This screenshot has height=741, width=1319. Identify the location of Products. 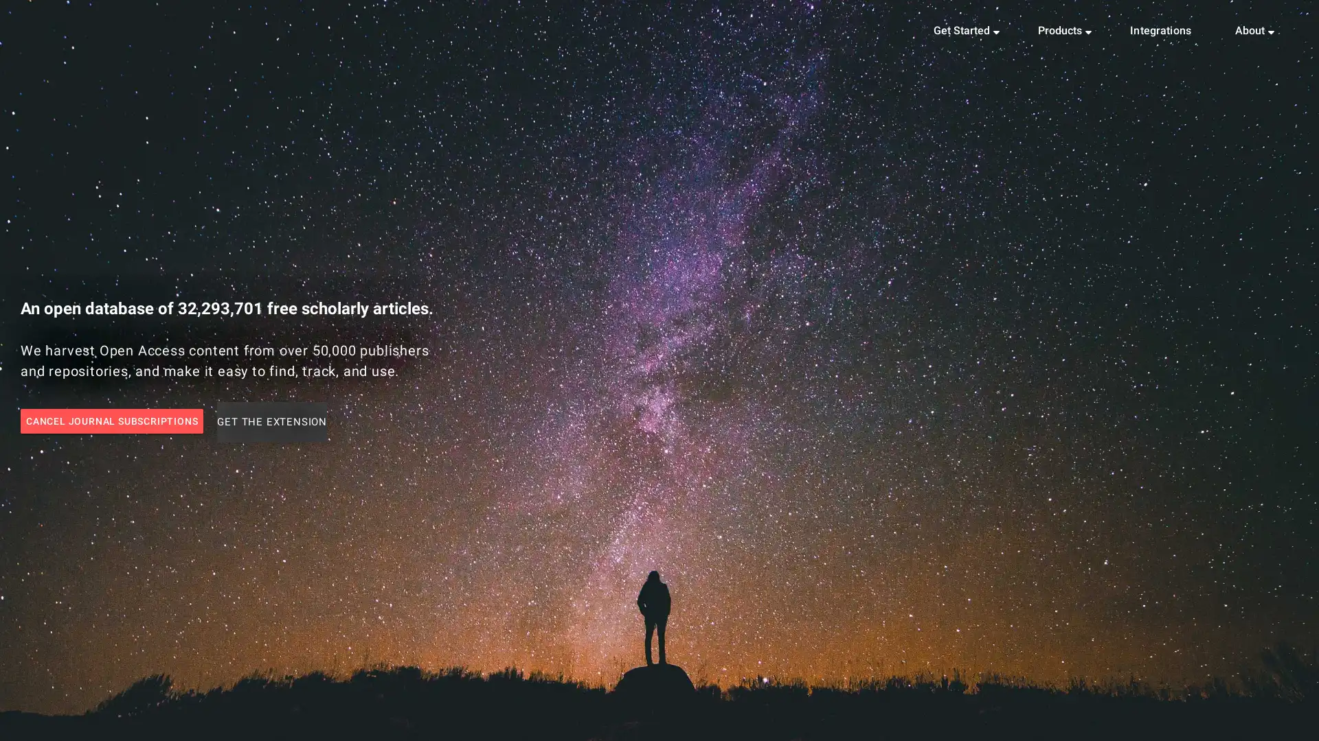
(1064, 30).